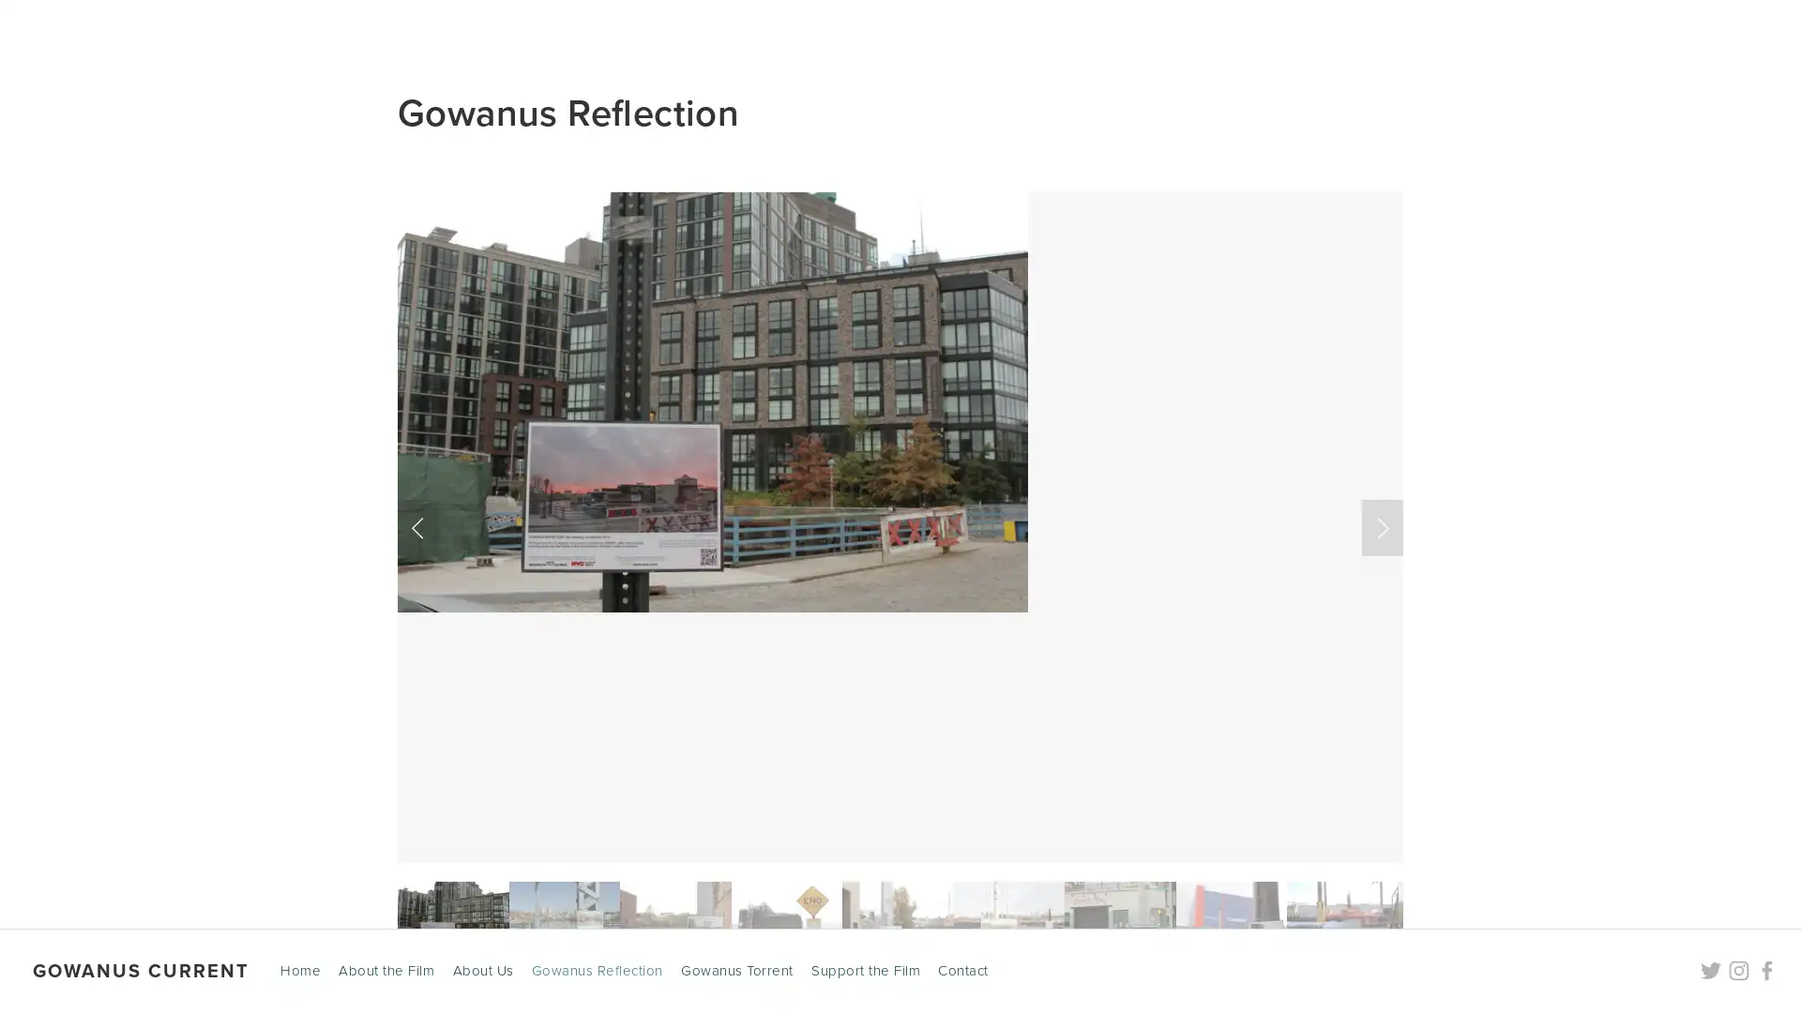 Image resolution: width=1801 pixels, height=1013 pixels. I want to click on Next Slide, so click(1382, 527).